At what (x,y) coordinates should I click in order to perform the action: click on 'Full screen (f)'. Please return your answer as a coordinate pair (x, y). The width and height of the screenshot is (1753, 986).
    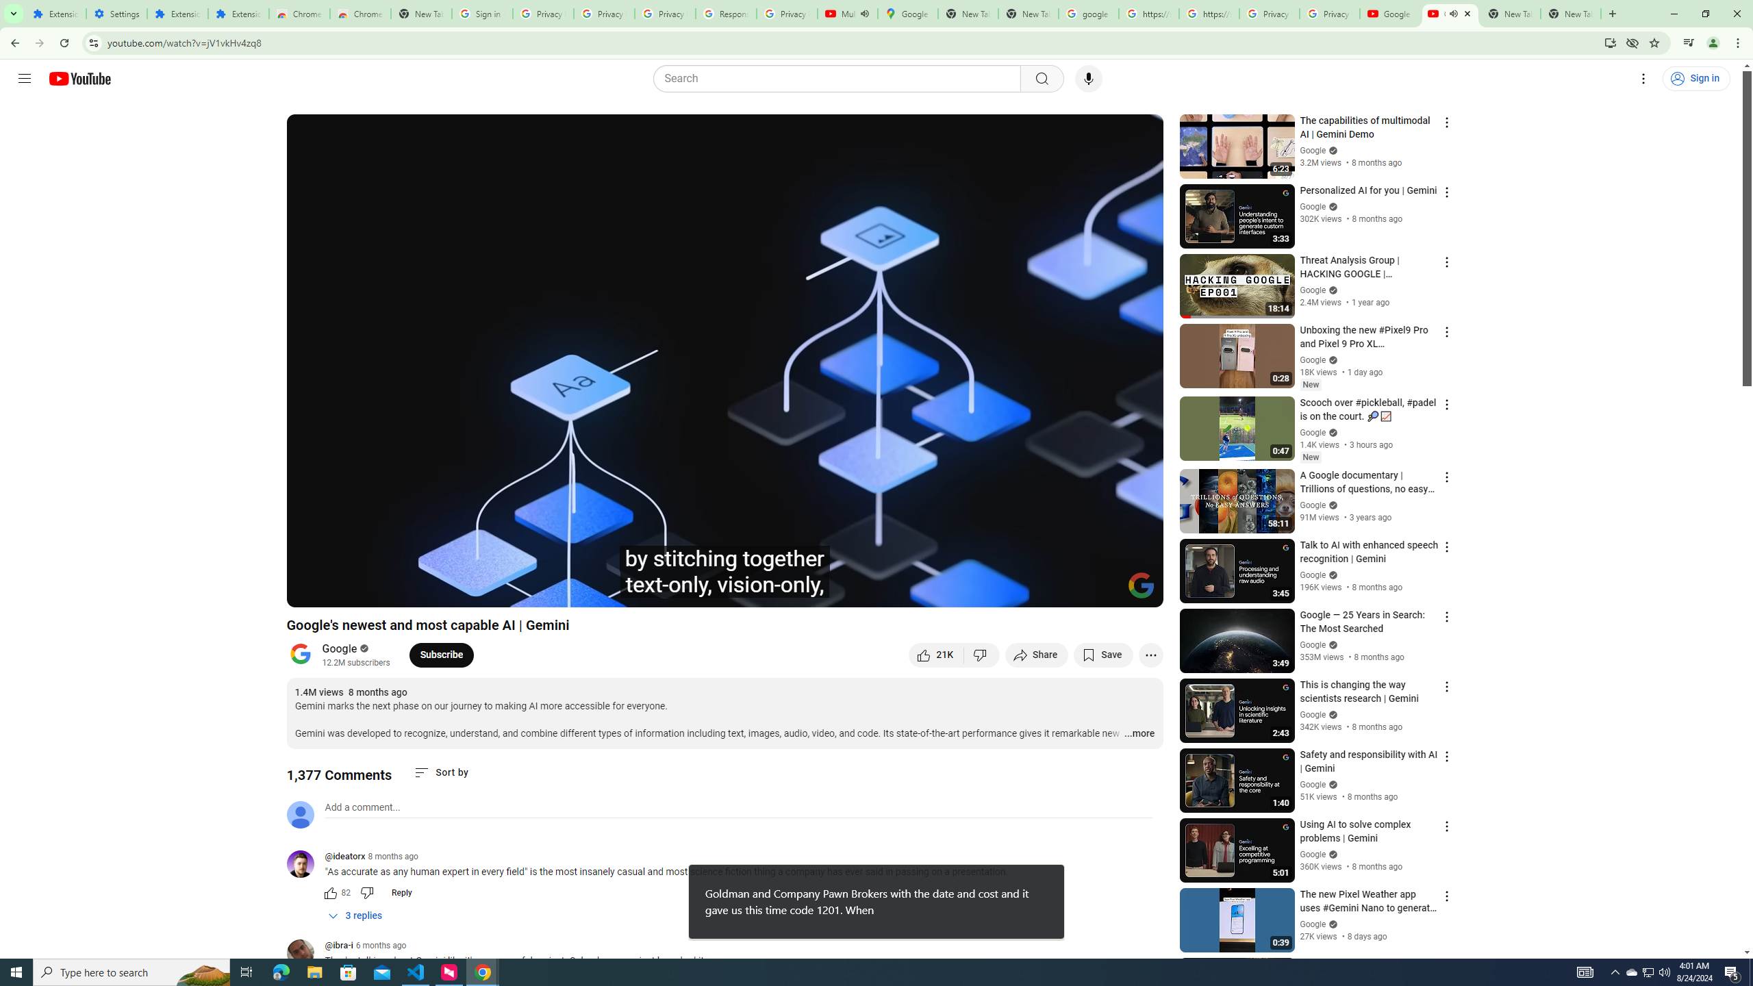
    Looking at the image, I should click on (1138, 590).